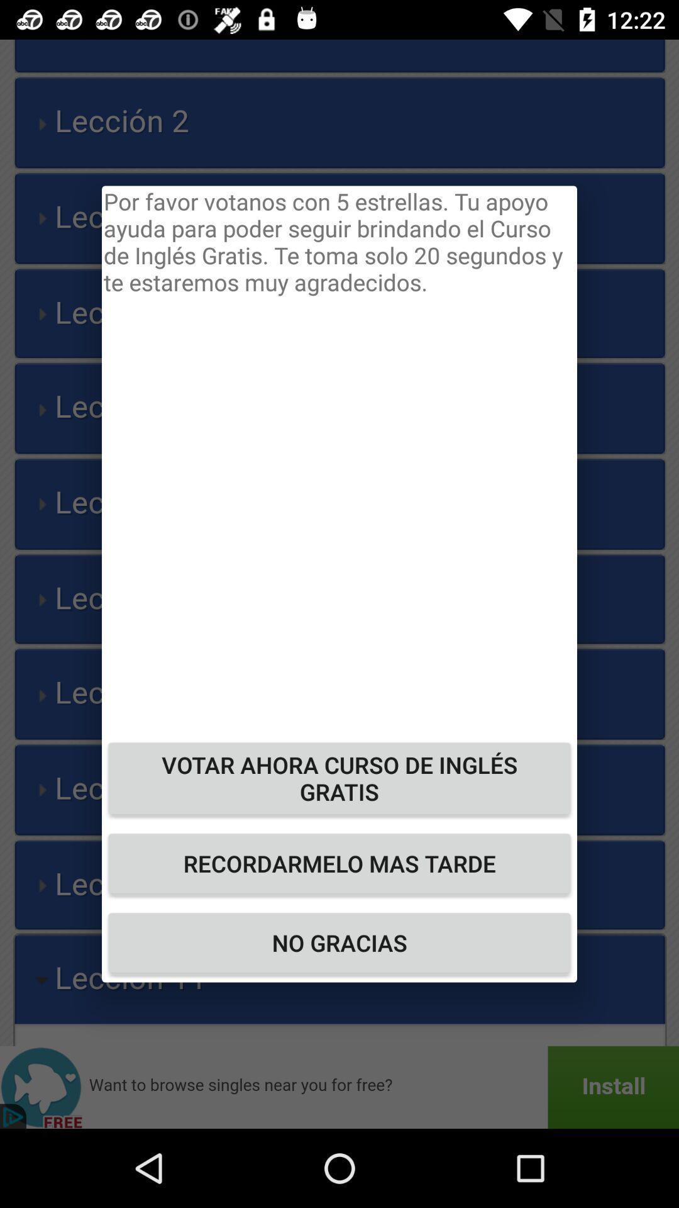 The image size is (679, 1208). I want to click on no gracias, so click(339, 942).